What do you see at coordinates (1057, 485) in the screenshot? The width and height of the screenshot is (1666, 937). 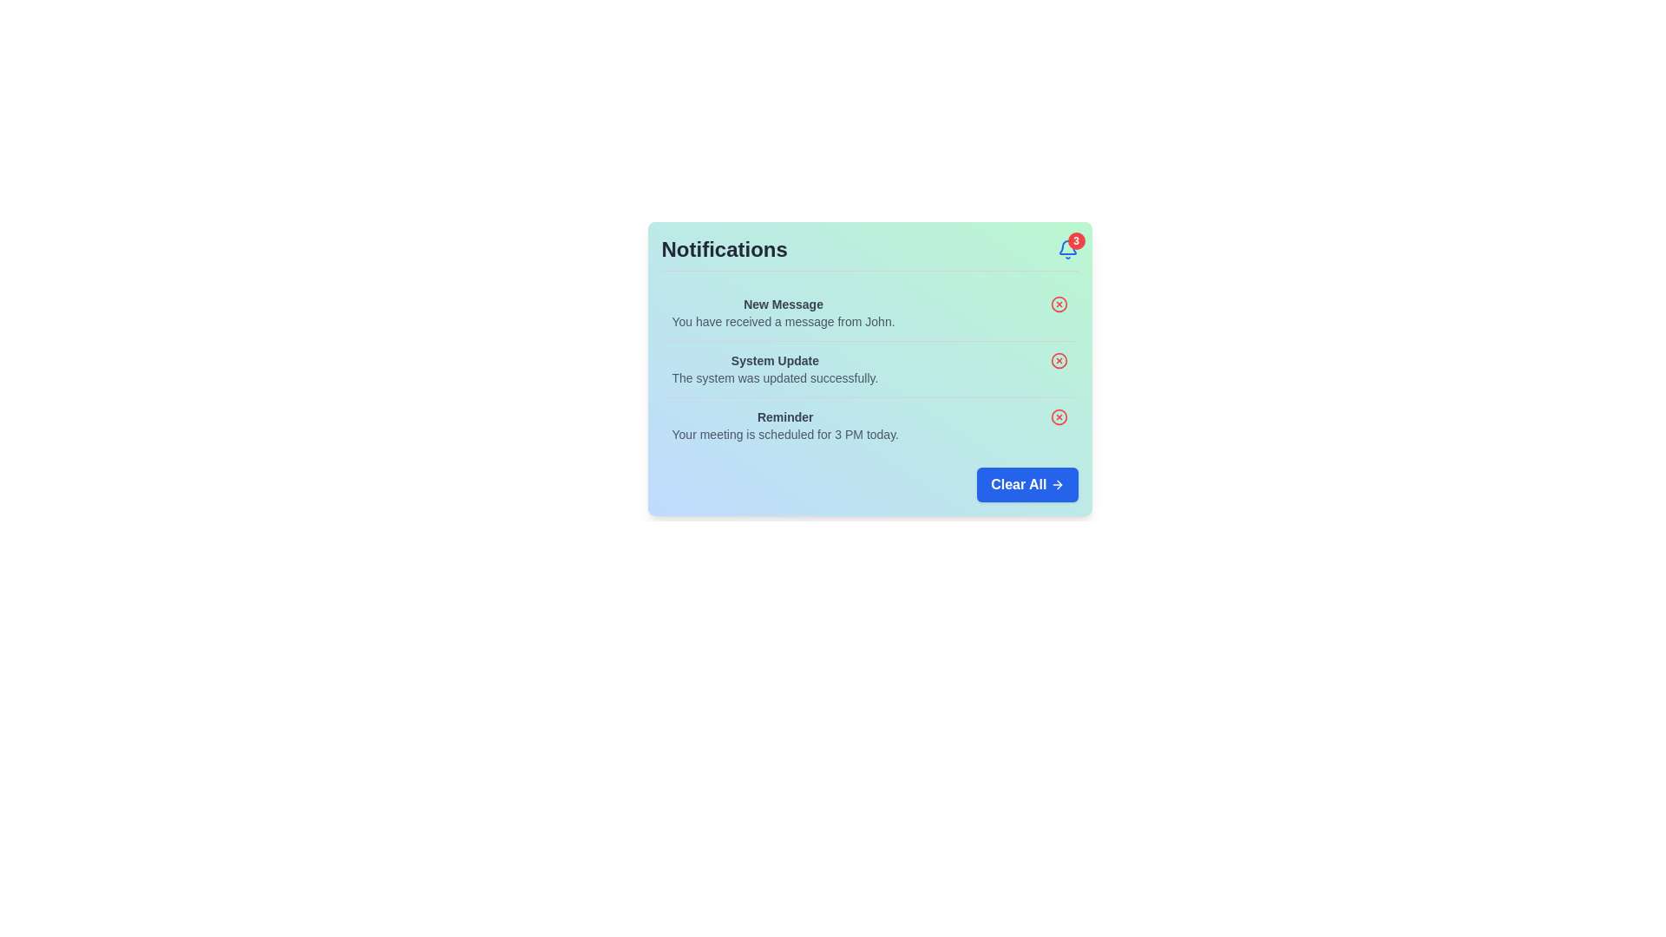 I see `the arrow icon located in the bottom-right corner of the notification card` at bounding box center [1057, 485].